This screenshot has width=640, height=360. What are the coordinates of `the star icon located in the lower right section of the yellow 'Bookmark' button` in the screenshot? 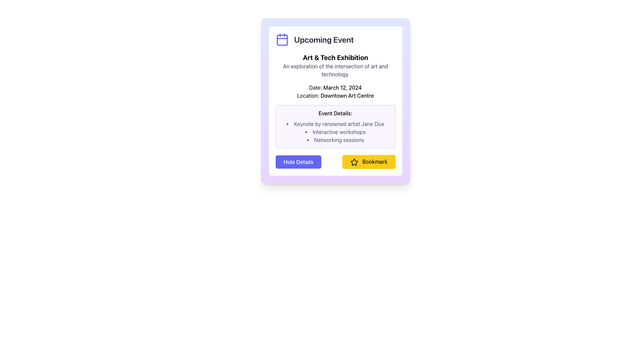 It's located at (354, 162).